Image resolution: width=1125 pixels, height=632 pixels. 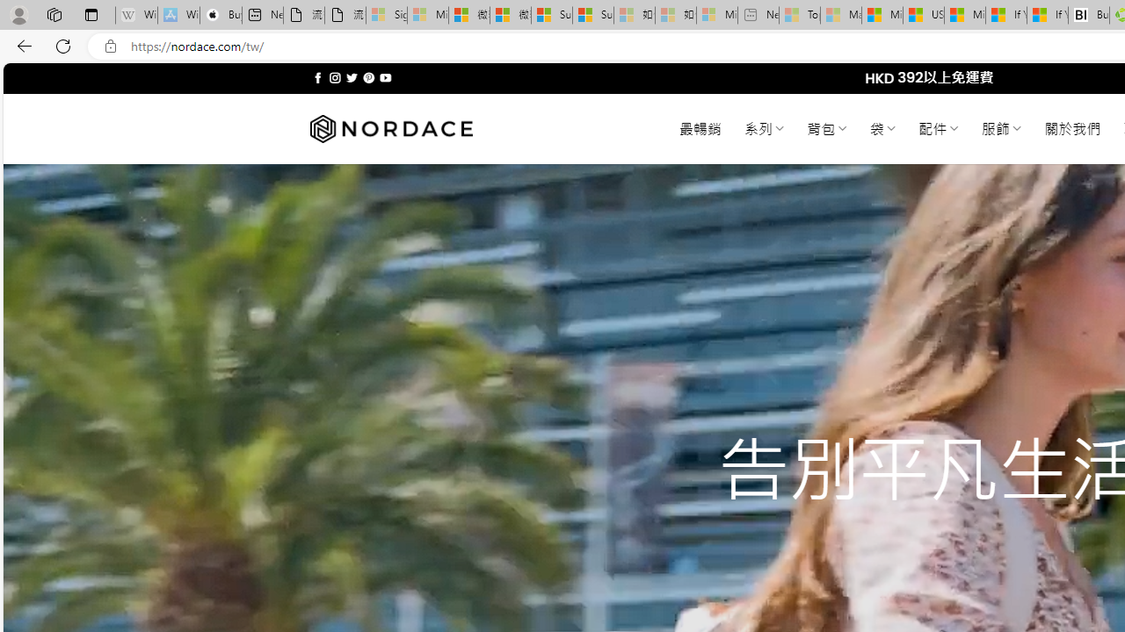 What do you see at coordinates (799, 15) in the screenshot?
I see `'Top Stories - MSN - Sleeping'` at bounding box center [799, 15].